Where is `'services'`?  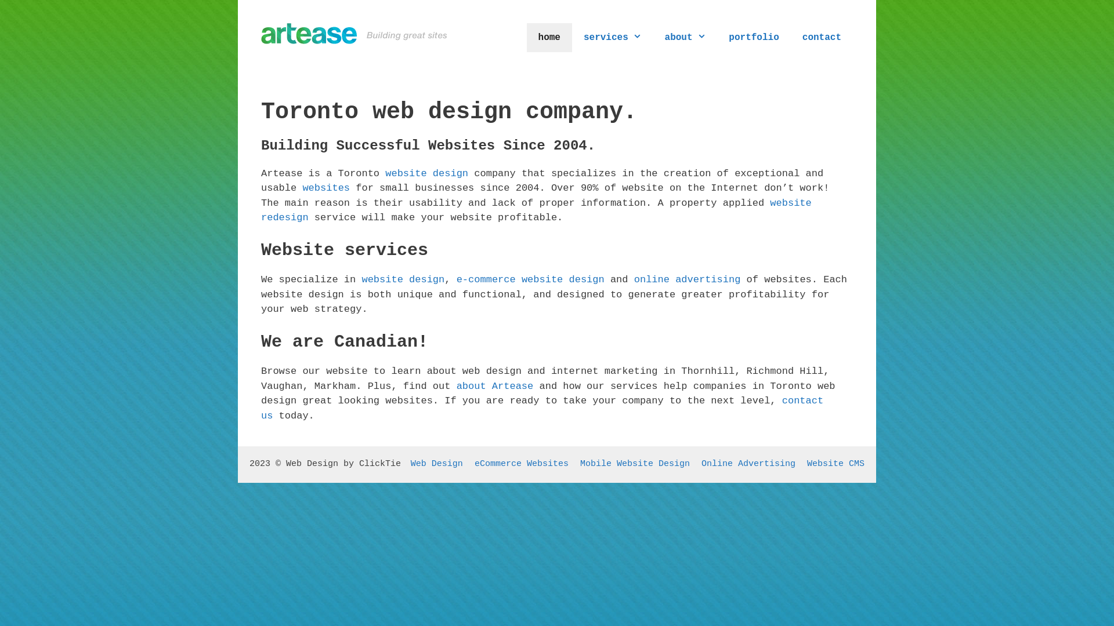
'services' is located at coordinates (612, 37).